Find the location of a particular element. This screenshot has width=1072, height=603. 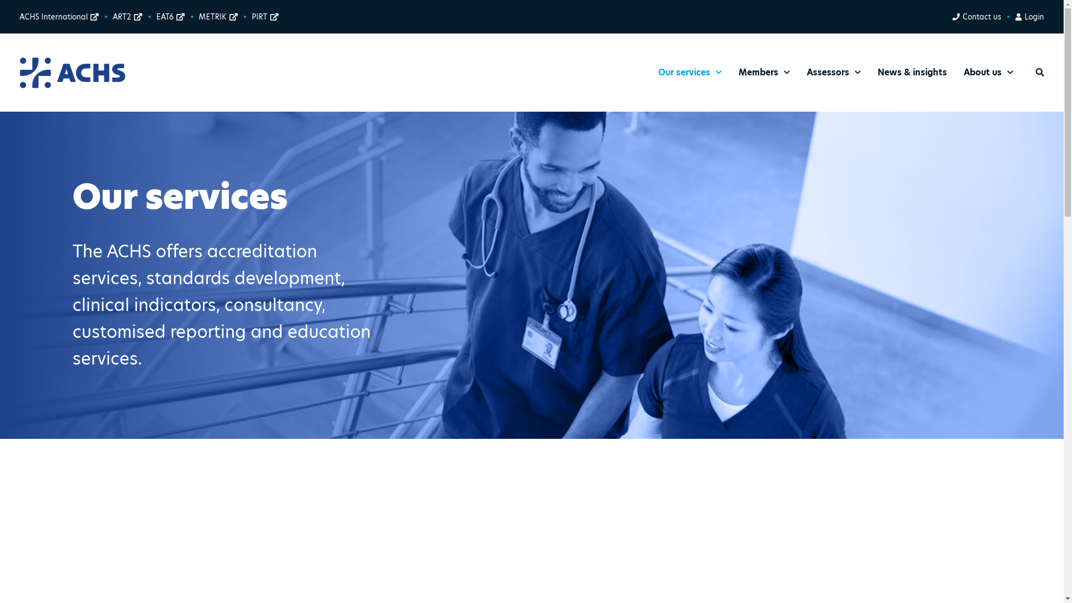

'ACHS International' is located at coordinates (58, 17).